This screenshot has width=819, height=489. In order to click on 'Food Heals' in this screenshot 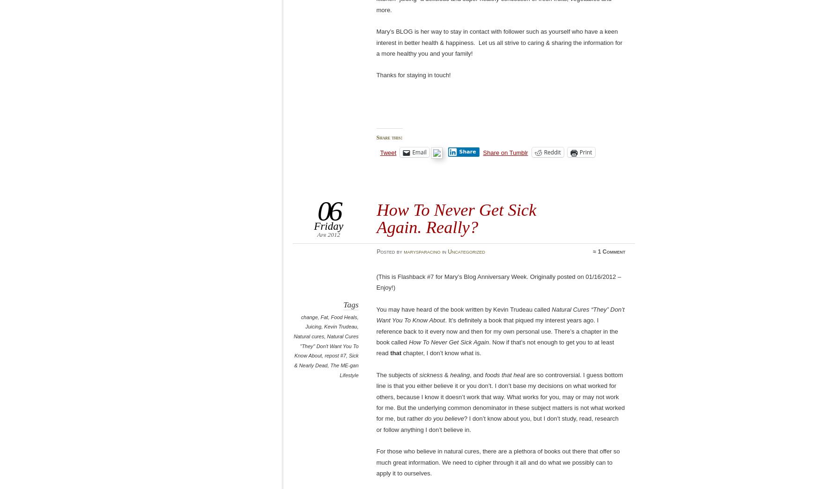, I will do `click(343, 316)`.